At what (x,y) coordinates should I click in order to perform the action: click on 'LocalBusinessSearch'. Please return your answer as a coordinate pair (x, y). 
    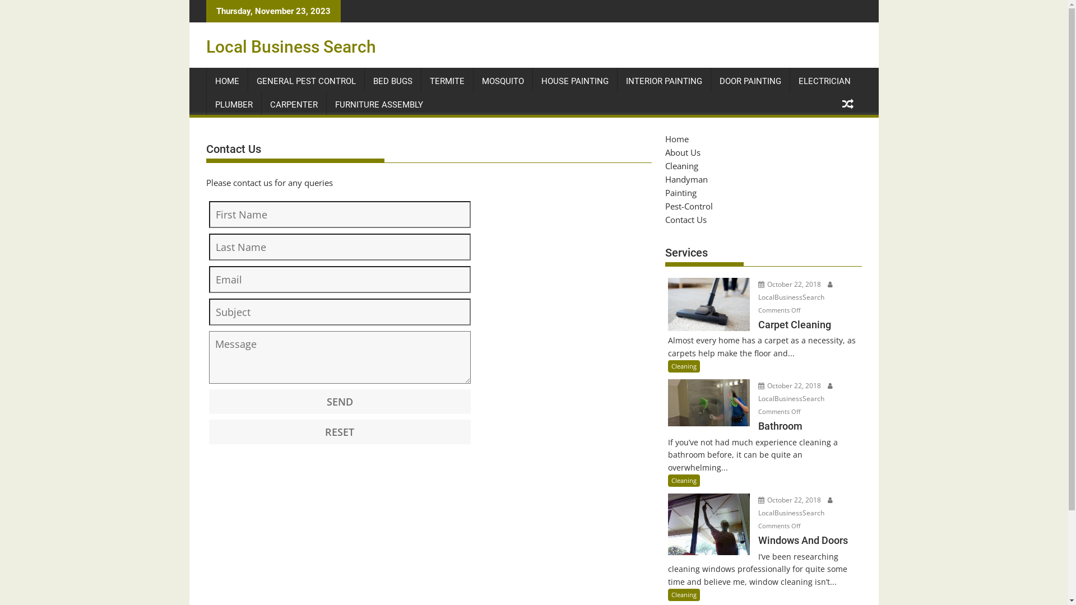
    Looking at the image, I should click on (795, 289).